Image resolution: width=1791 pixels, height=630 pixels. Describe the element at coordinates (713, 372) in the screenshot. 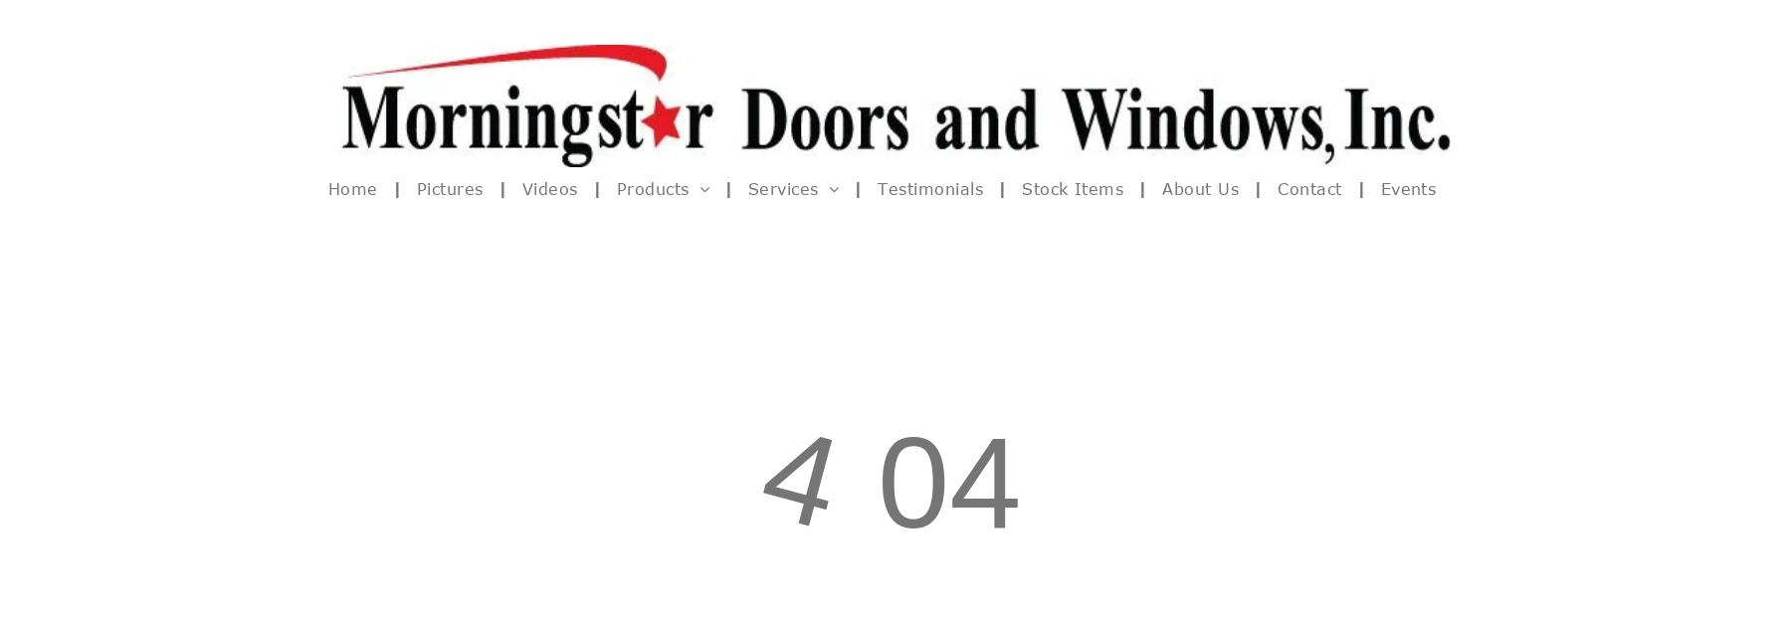

I see `'Tilt n Turn Windows & Doors'` at that location.